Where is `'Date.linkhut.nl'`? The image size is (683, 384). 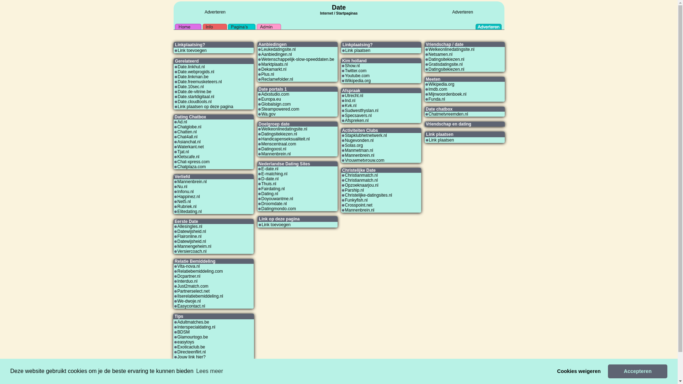
'Date.linkhut.nl' is located at coordinates (178, 67).